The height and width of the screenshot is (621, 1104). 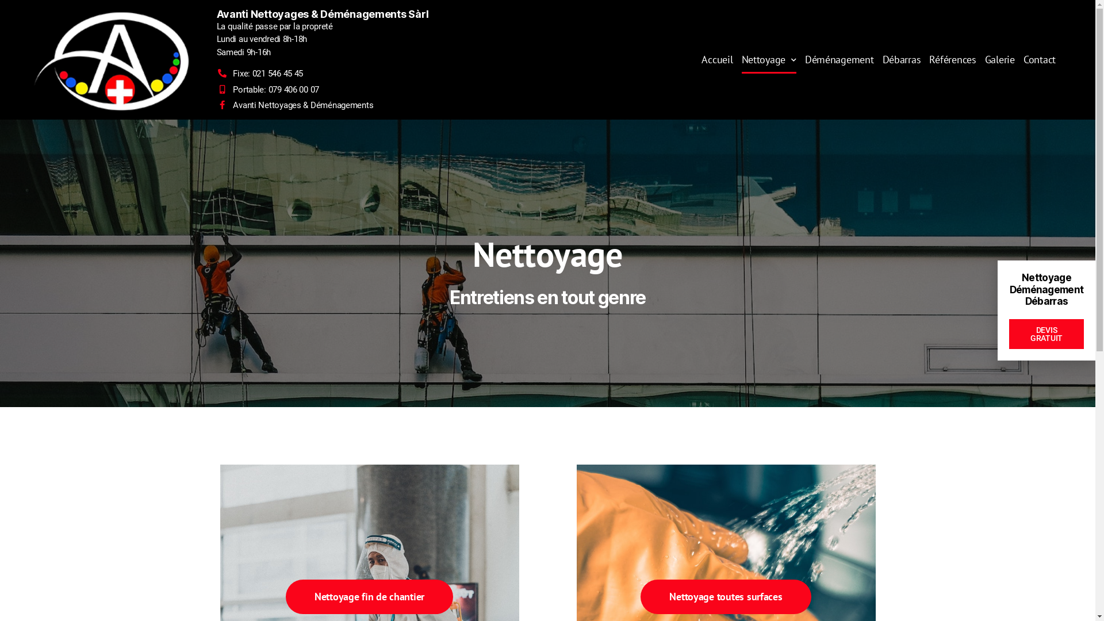 What do you see at coordinates (1046, 334) in the screenshot?
I see `'DEVIS GRATUIT'` at bounding box center [1046, 334].